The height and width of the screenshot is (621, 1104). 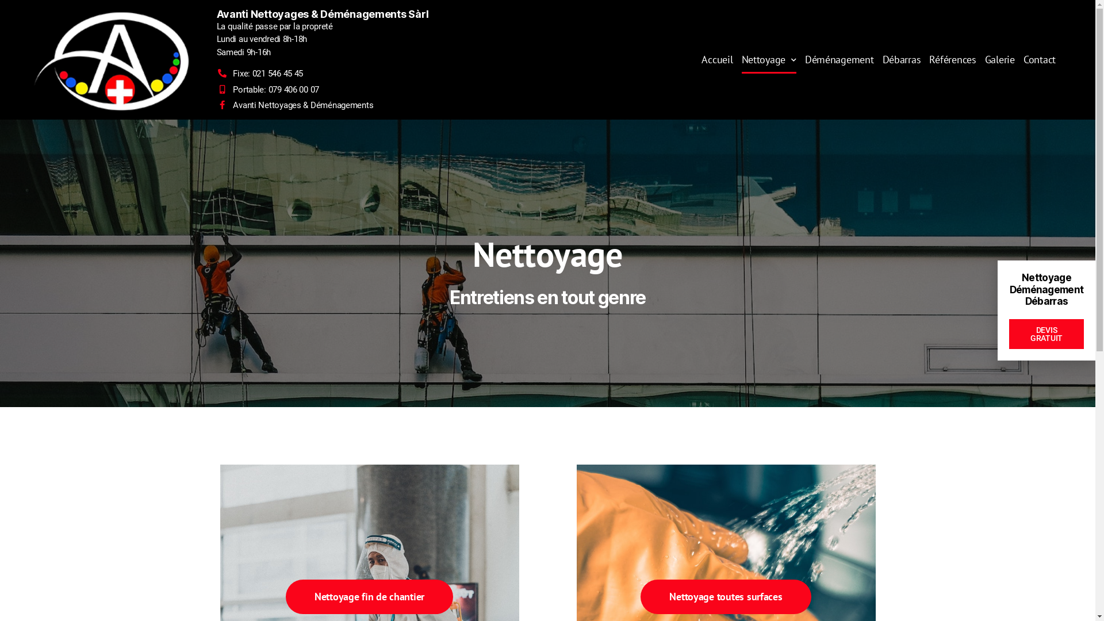 What do you see at coordinates (1046, 334) in the screenshot?
I see `'DEVIS GRATUIT'` at bounding box center [1046, 334].